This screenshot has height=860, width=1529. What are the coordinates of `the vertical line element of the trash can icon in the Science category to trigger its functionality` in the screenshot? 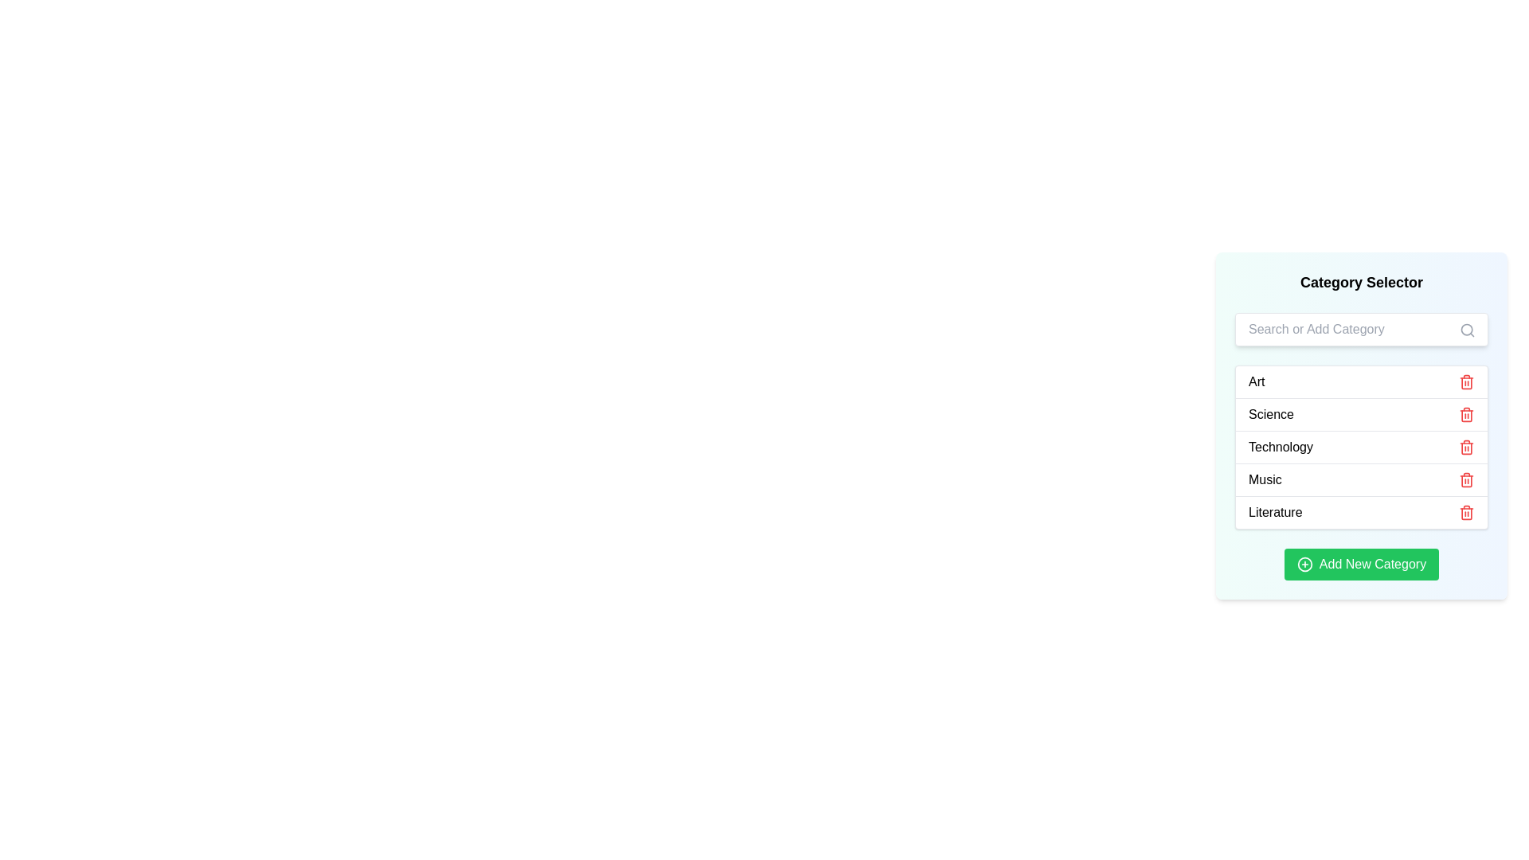 It's located at (1466, 414).